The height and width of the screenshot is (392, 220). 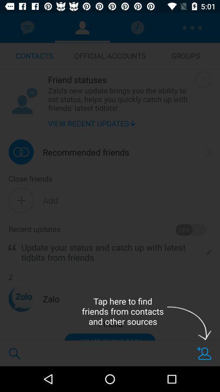 What do you see at coordinates (203, 80) in the screenshot?
I see `the item next to friend statuses icon` at bounding box center [203, 80].